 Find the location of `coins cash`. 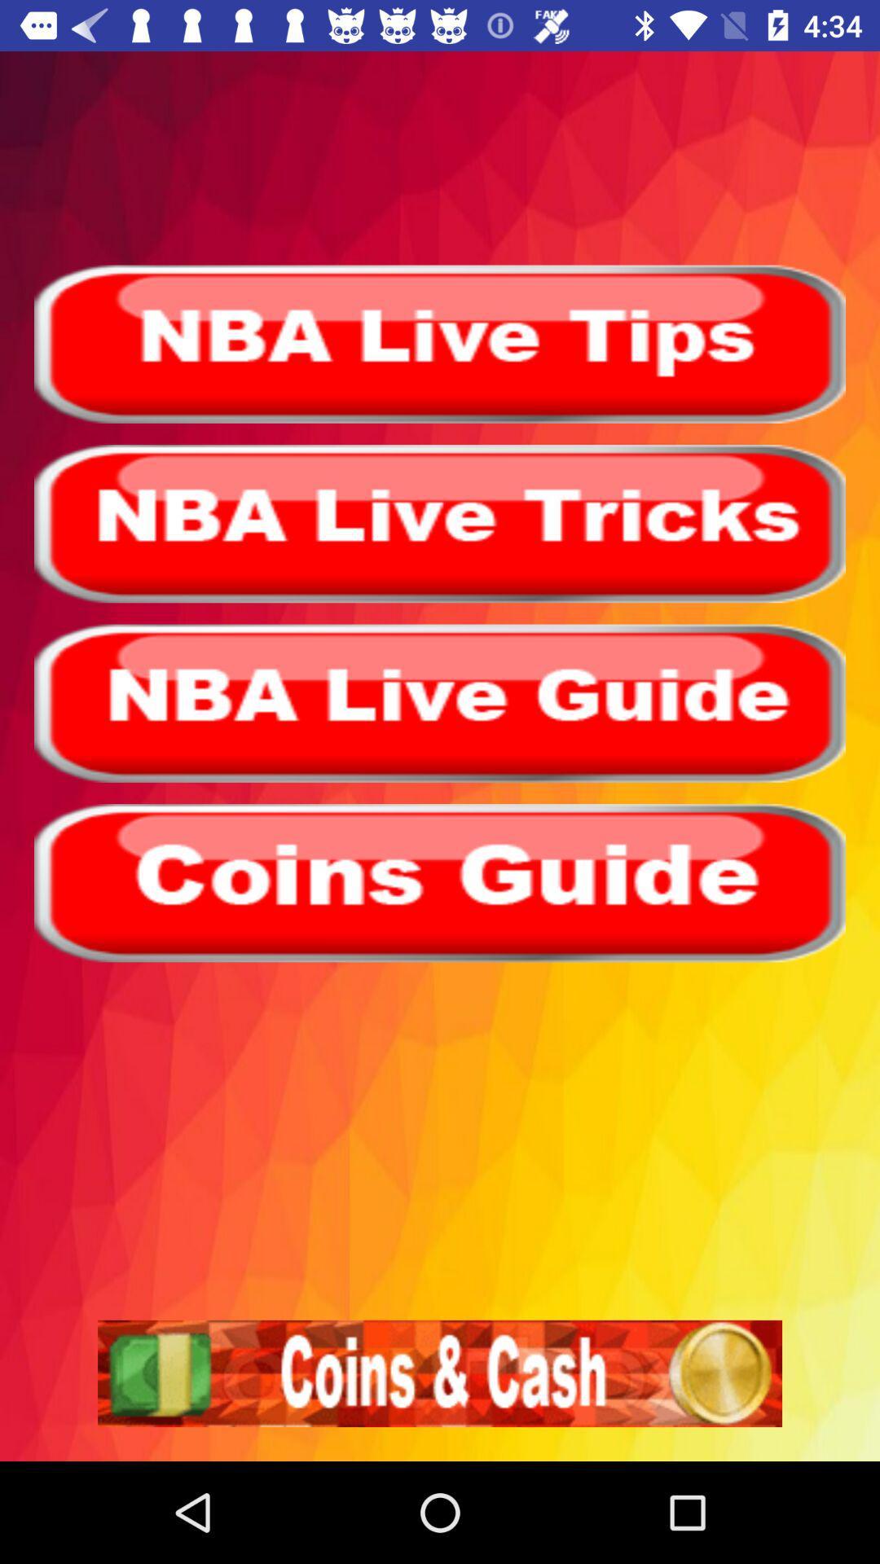

coins cash is located at coordinates (440, 1373).